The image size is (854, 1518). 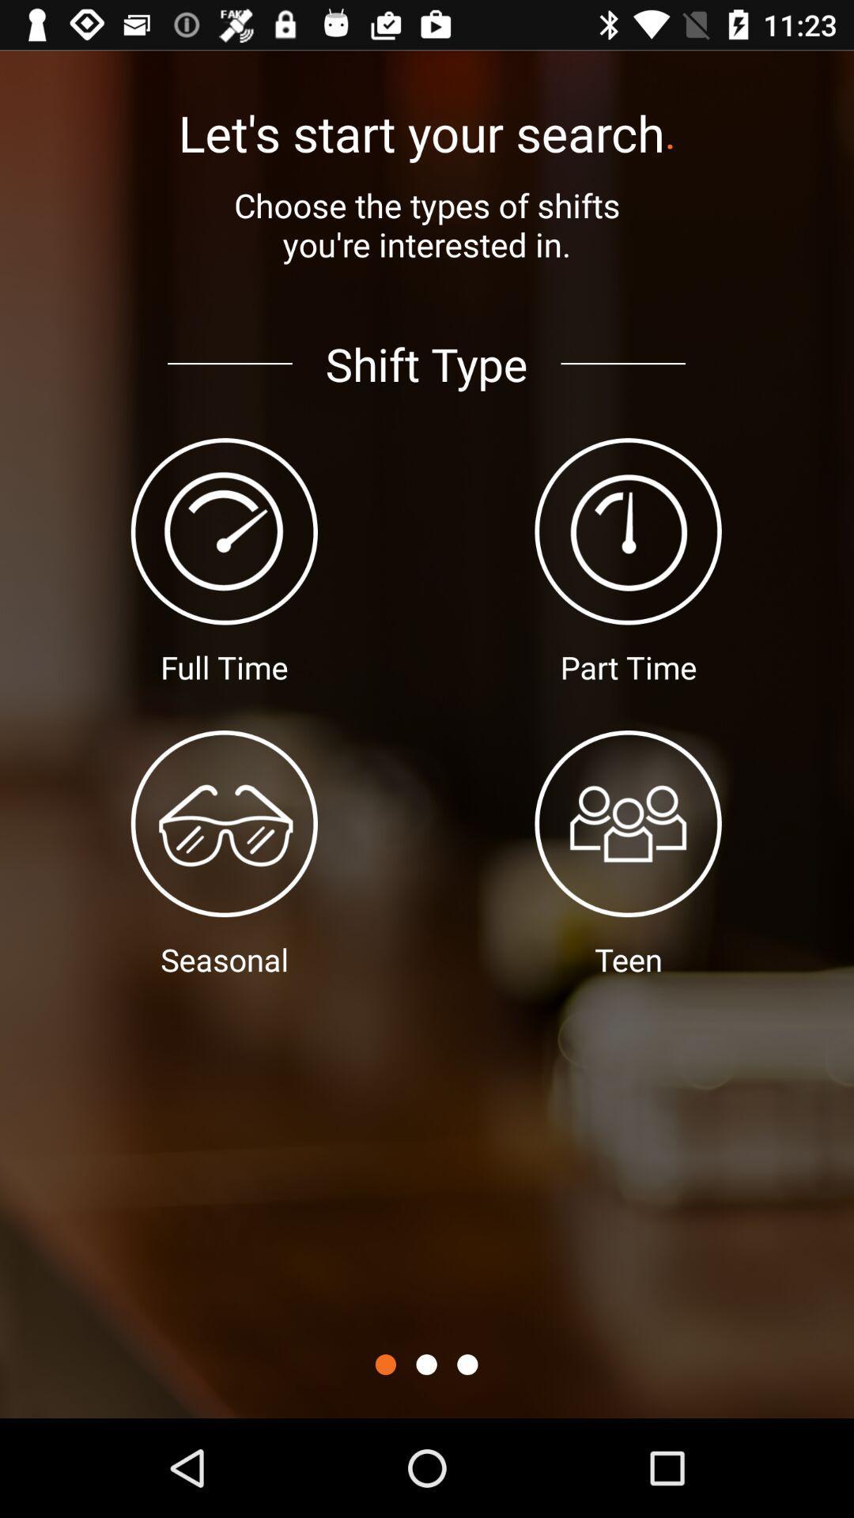 I want to click on first menu page, so click(x=385, y=1364).